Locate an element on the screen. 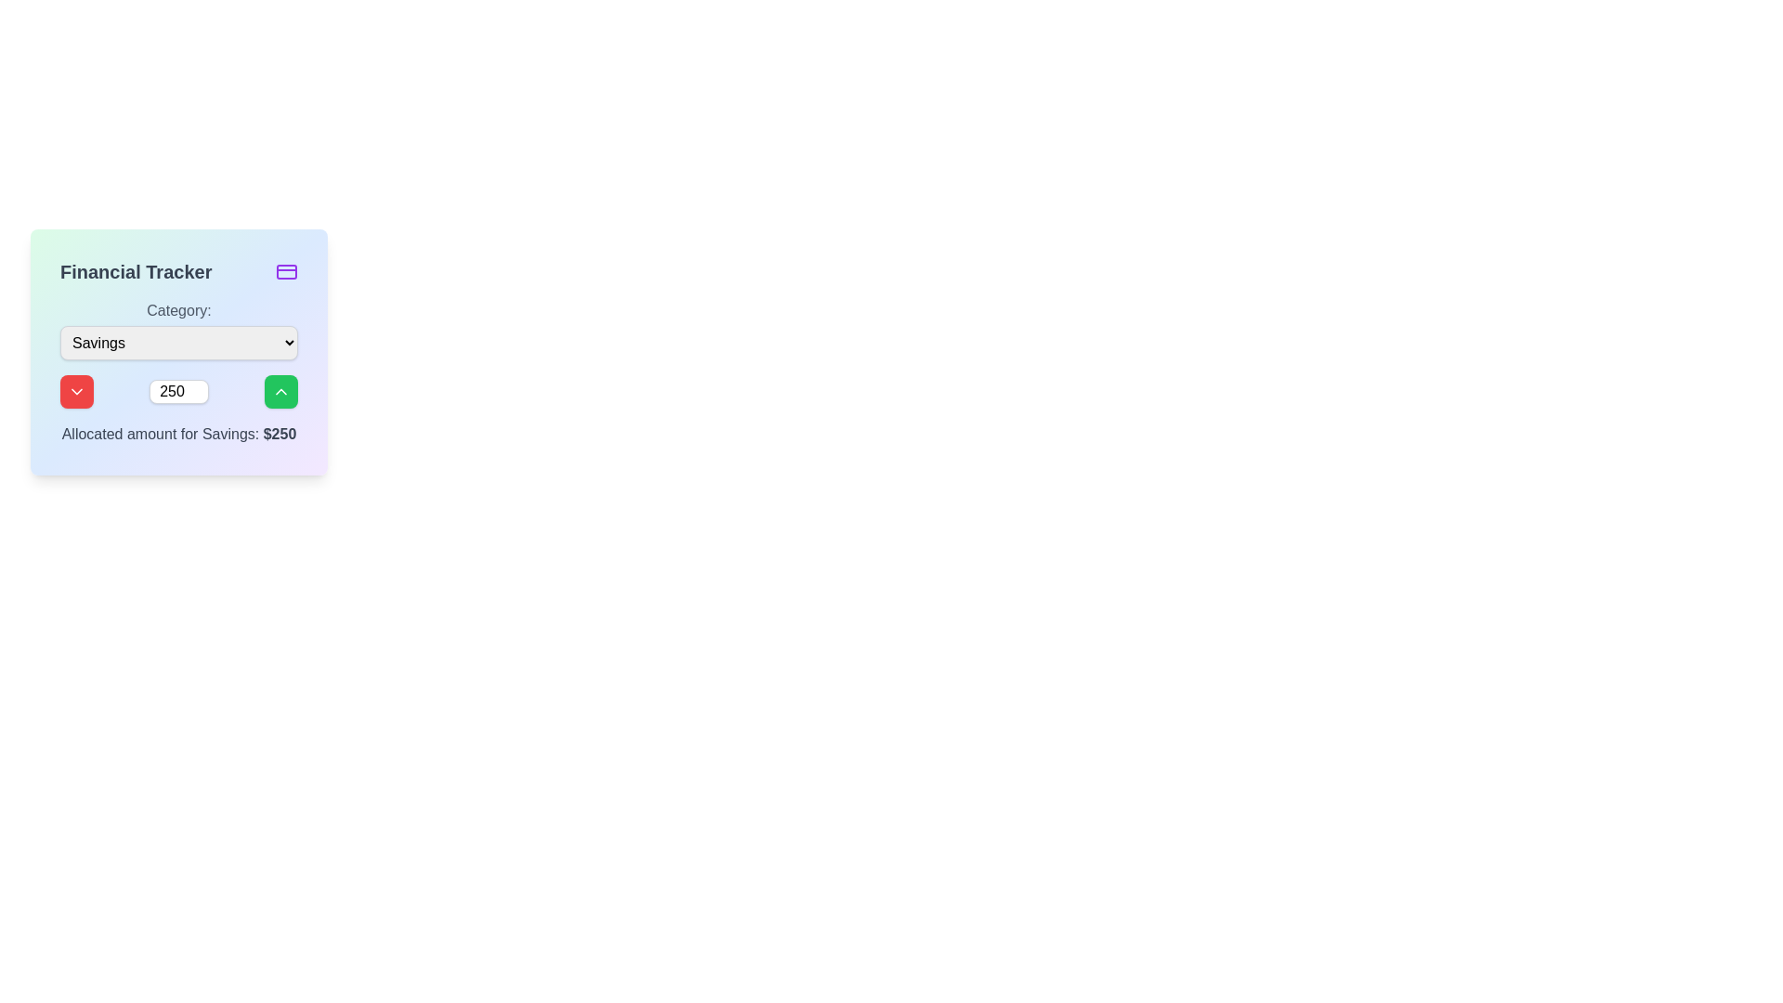  the downward-facing chevron icon button, which is a minimalist outlined triangle in a red circular button, to reduce the adjacent numeric value of '250' is located at coordinates (75, 390).